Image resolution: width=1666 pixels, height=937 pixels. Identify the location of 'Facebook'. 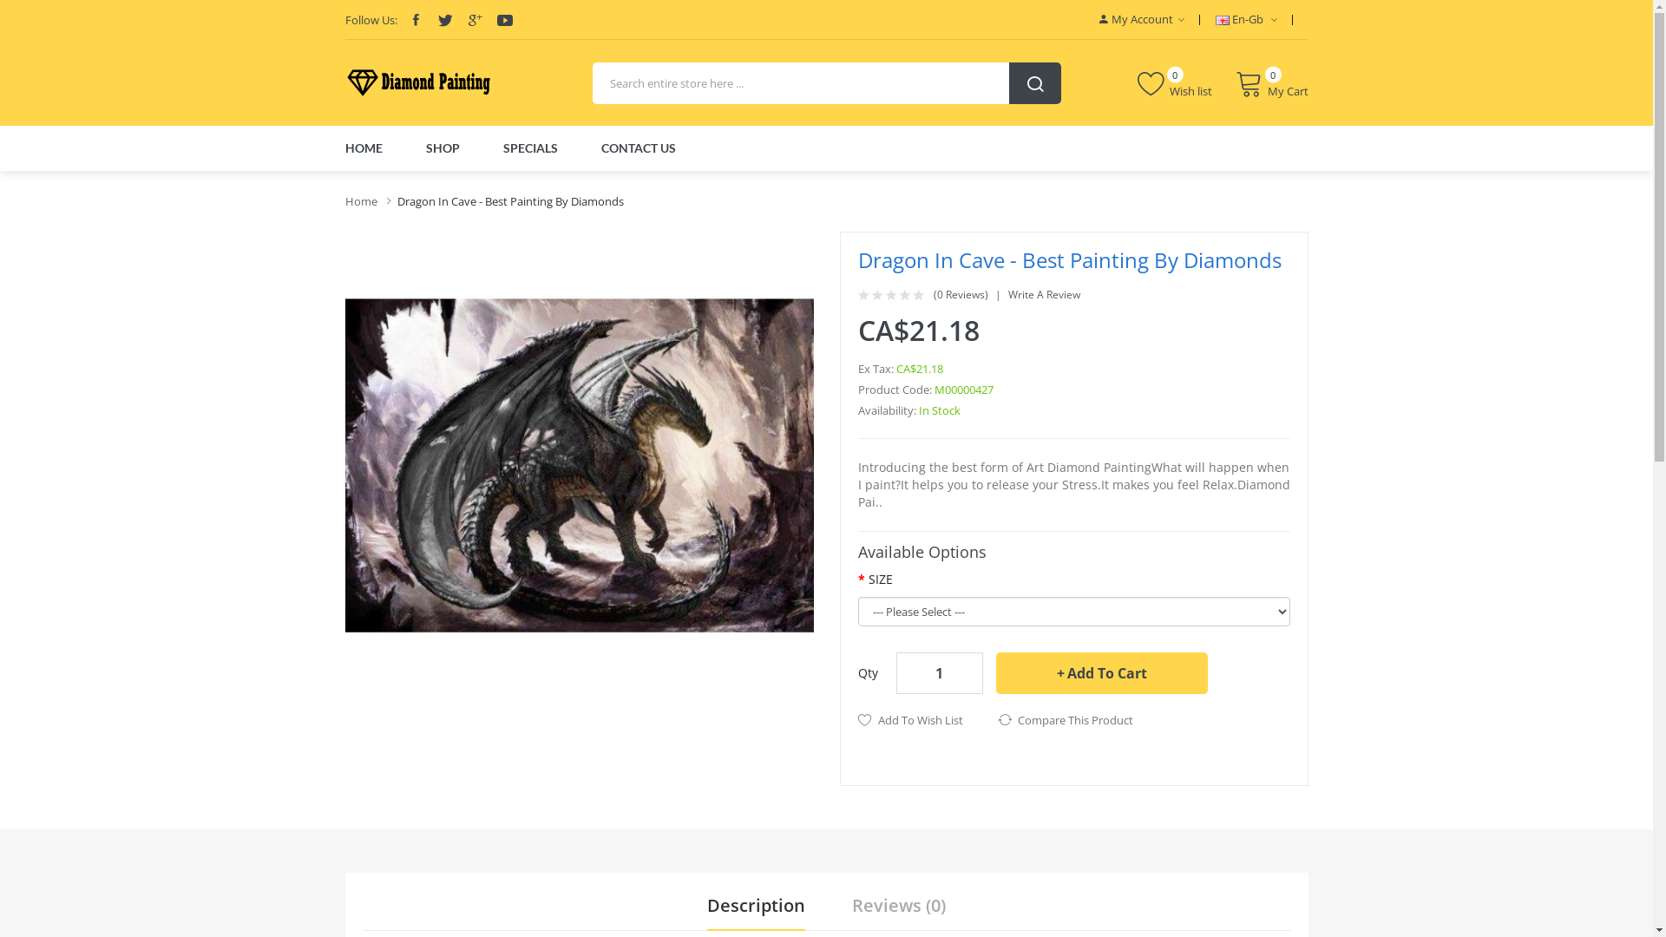
(415, 20).